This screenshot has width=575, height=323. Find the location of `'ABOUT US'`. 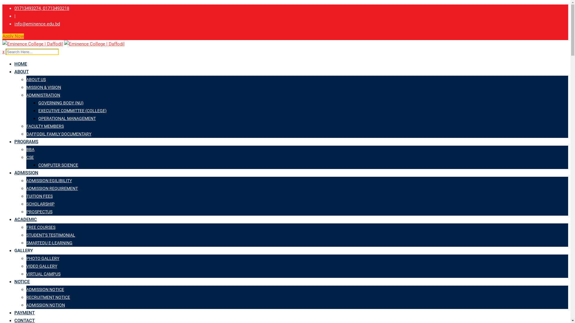

'ABOUT US' is located at coordinates (36, 79).